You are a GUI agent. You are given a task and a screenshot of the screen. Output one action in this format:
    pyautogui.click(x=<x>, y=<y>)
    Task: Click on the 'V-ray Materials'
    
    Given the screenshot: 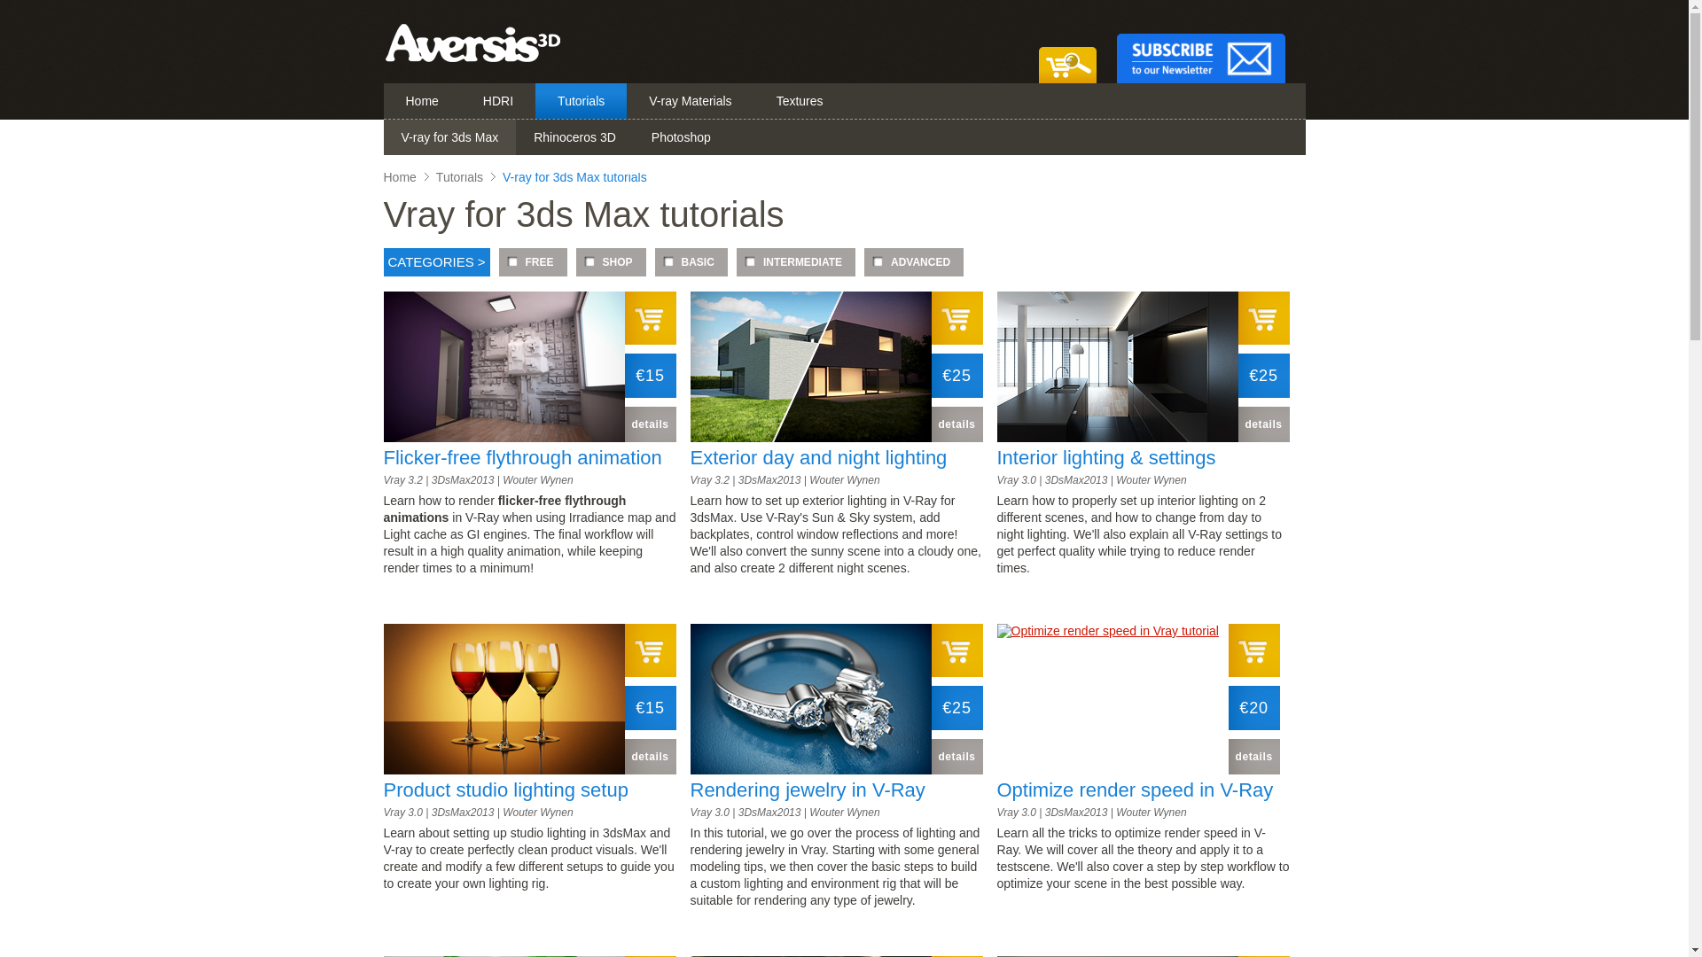 What is the action you would take?
    pyautogui.click(x=626, y=101)
    